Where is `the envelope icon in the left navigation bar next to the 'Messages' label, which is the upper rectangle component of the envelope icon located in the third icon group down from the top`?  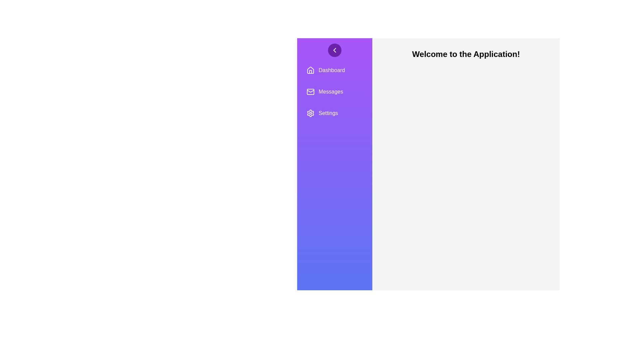
the envelope icon in the left navigation bar next to the 'Messages' label, which is the upper rectangle component of the envelope icon located in the third icon group down from the top is located at coordinates (310, 92).